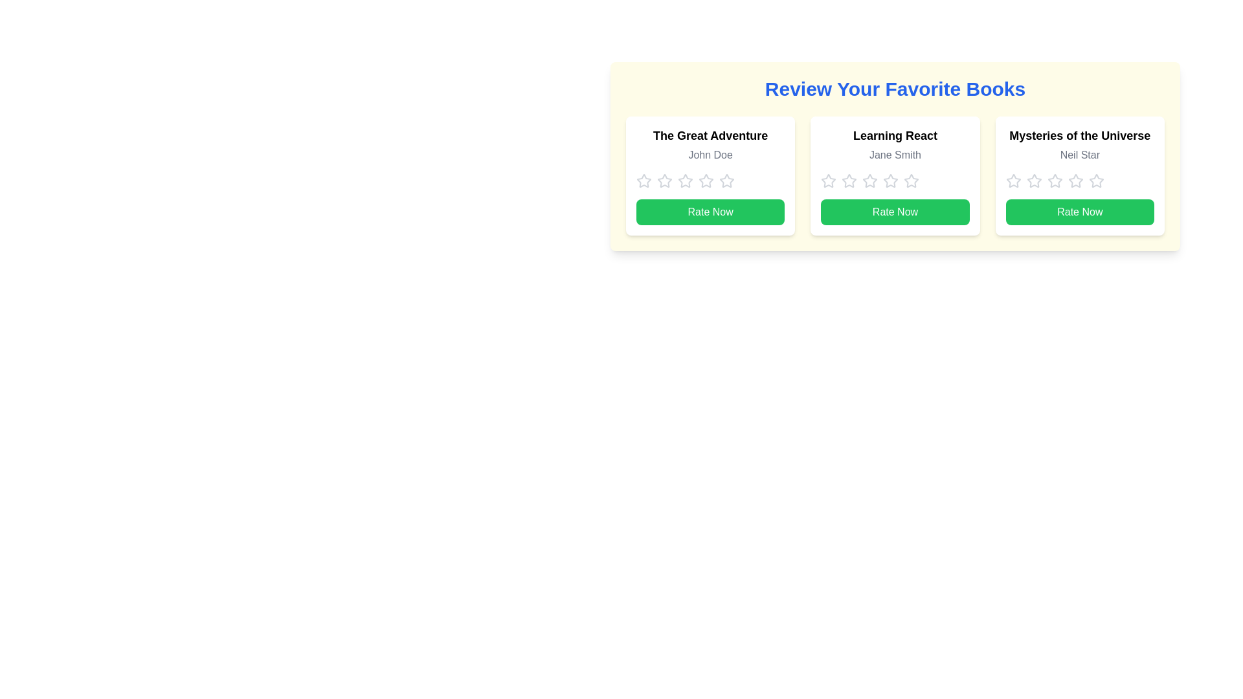 This screenshot has width=1243, height=699. I want to click on text content from the title and author information block located at the top of the rightmost card under the 'Review Your Favorite Books' section, so click(1080, 146).